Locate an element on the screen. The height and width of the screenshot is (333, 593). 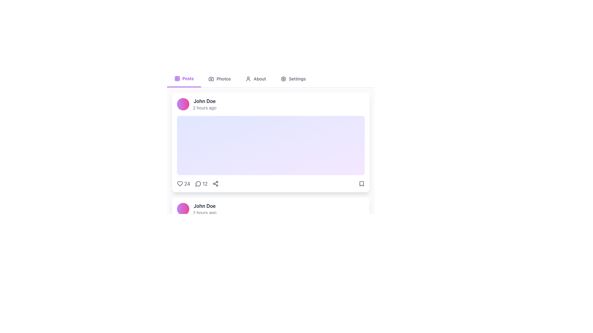
the first navigation tab in the navigation bar is located at coordinates (183, 78).